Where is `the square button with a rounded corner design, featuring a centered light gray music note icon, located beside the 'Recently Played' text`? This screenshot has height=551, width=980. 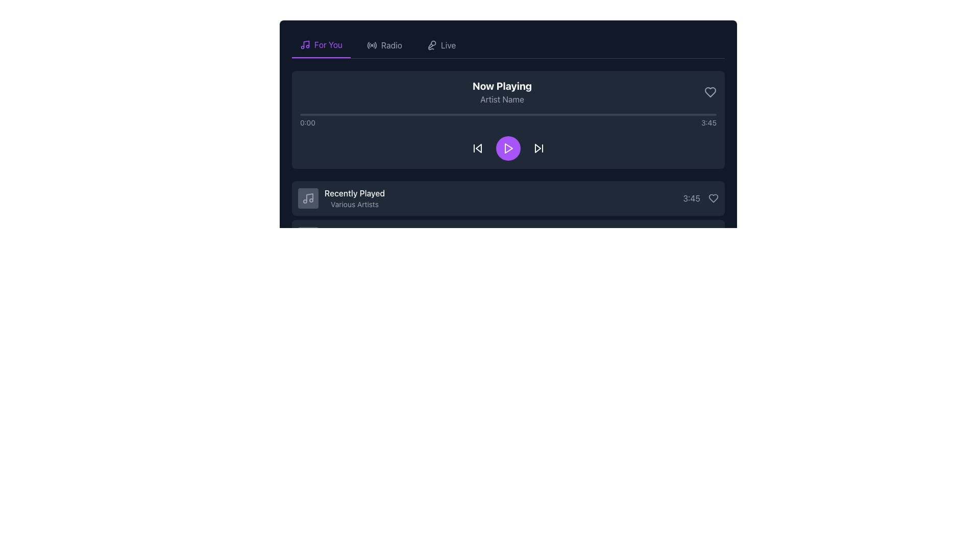 the square button with a rounded corner design, featuring a centered light gray music note icon, located beside the 'Recently Played' text is located at coordinates (308, 198).